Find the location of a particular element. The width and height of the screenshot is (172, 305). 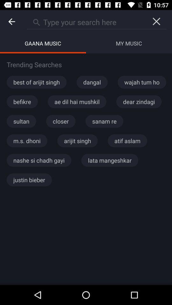

the dangal app is located at coordinates (92, 82).